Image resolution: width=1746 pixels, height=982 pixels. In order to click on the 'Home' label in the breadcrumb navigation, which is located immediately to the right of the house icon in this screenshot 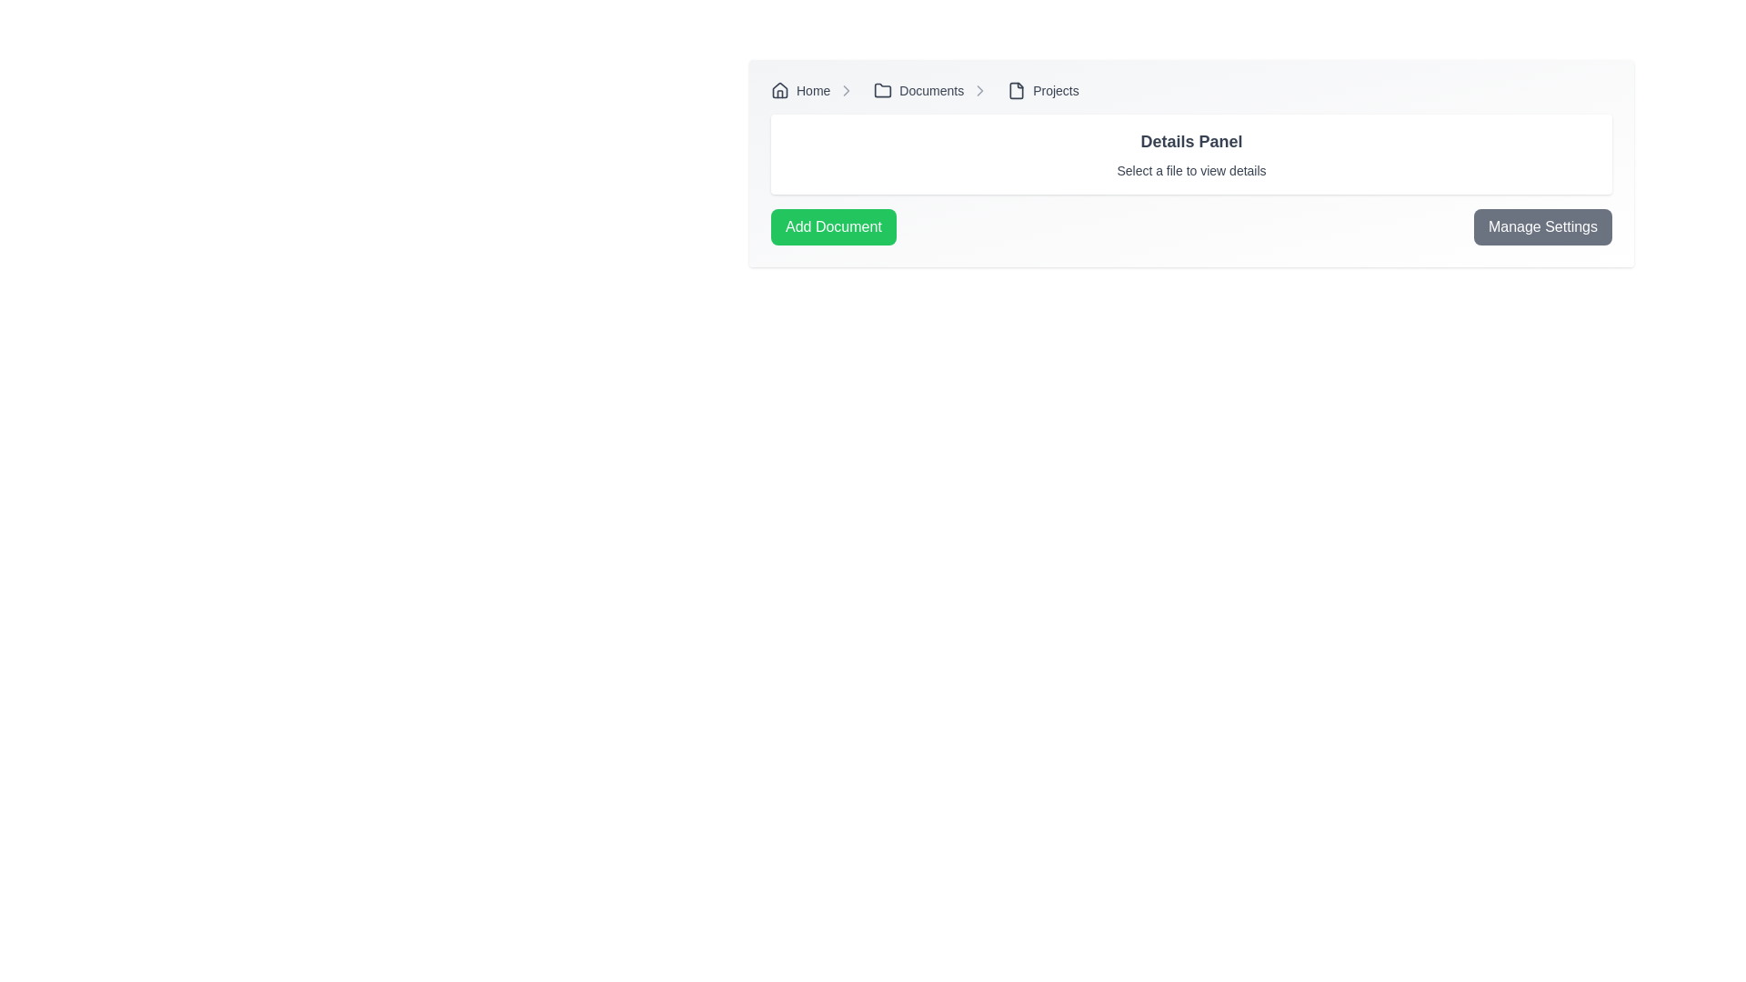, I will do `click(812, 91)`.